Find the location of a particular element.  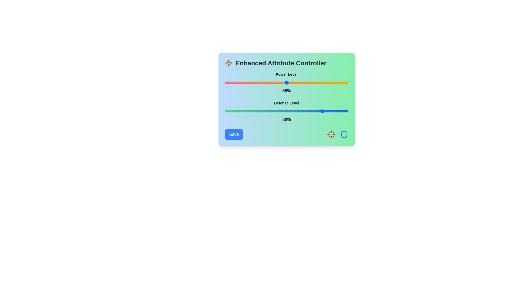

the Defense Level slider to 83% is located at coordinates (327, 111).